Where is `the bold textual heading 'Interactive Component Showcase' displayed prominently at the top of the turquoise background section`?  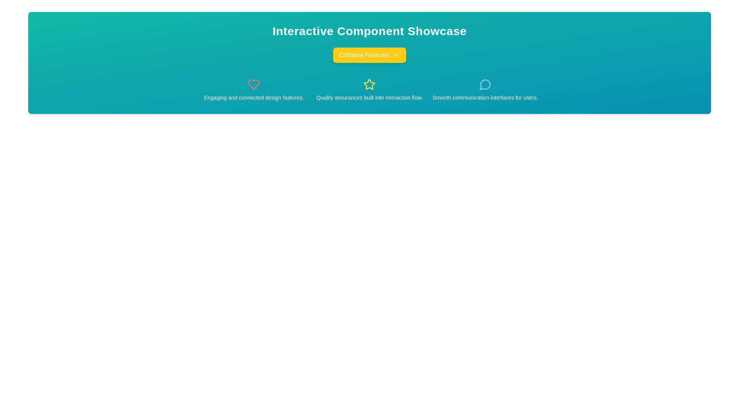 the bold textual heading 'Interactive Component Showcase' displayed prominently at the top of the turquoise background section is located at coordinates (369, 31).